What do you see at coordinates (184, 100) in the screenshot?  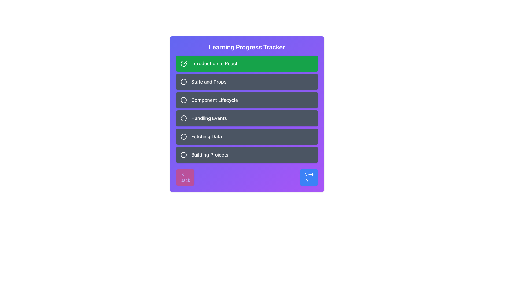 I see `the SVG Circle Icon located to the left of the text 'Component Lifecycle' in the third item of the vertically stacked list` at bounding box center [184, 100].